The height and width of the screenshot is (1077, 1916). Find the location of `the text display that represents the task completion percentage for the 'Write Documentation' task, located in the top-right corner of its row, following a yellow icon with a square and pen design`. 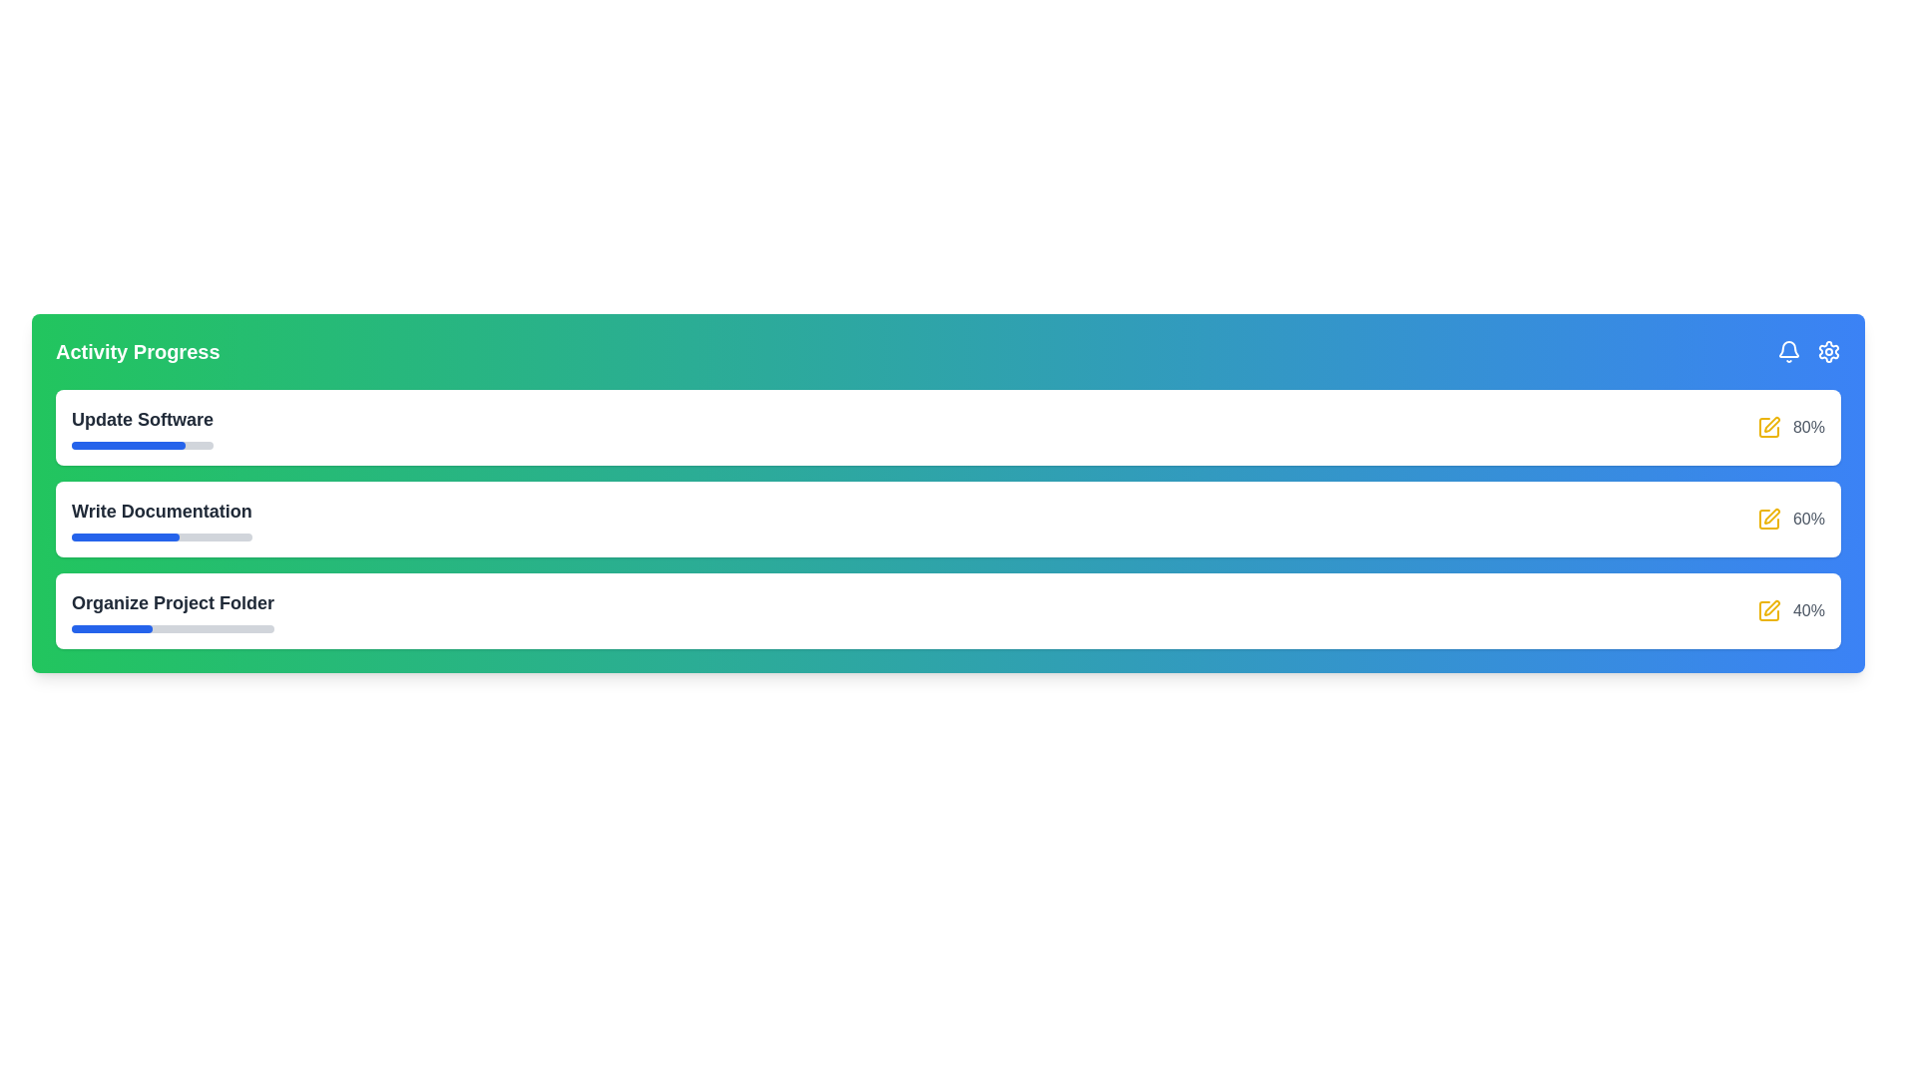

the text display that represents the task completion percentage for the 'Write Documentation' task, located in the top-right corner of its row, following a yellow icon with a square and pen design is located at coordinates (1809, 518).